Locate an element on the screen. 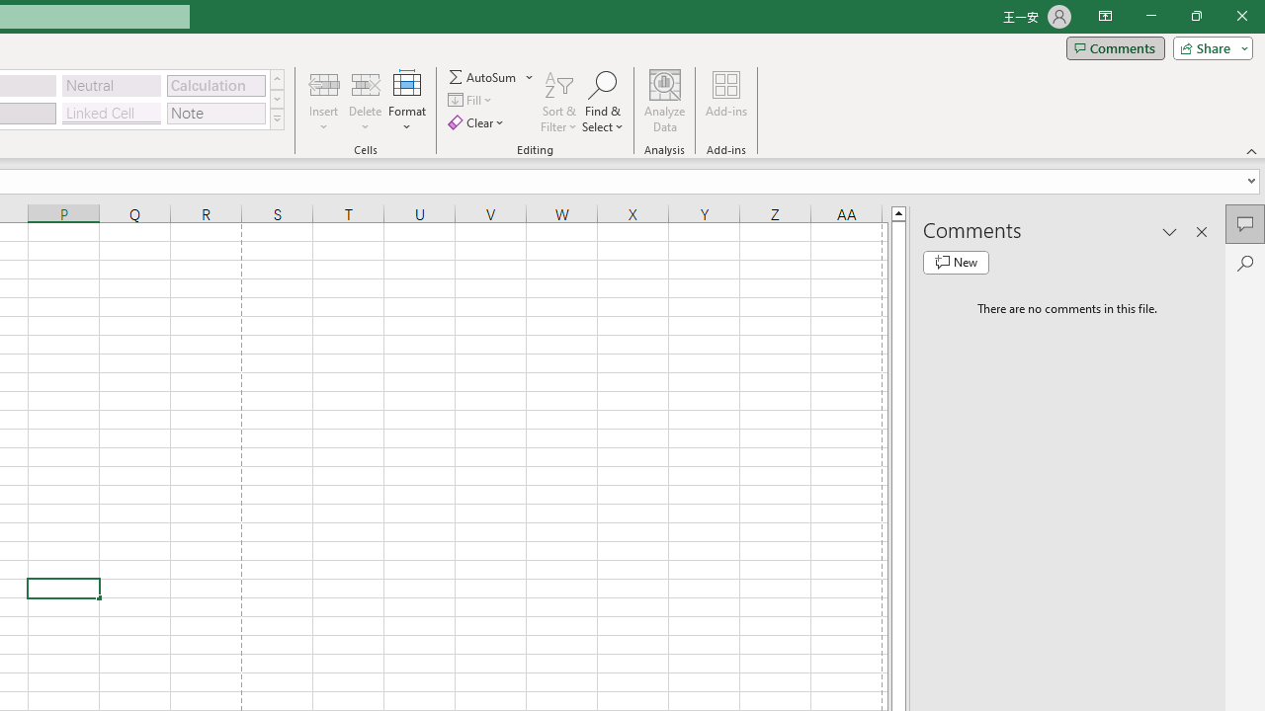  'Comments' is located at coordinates (1115, 46).